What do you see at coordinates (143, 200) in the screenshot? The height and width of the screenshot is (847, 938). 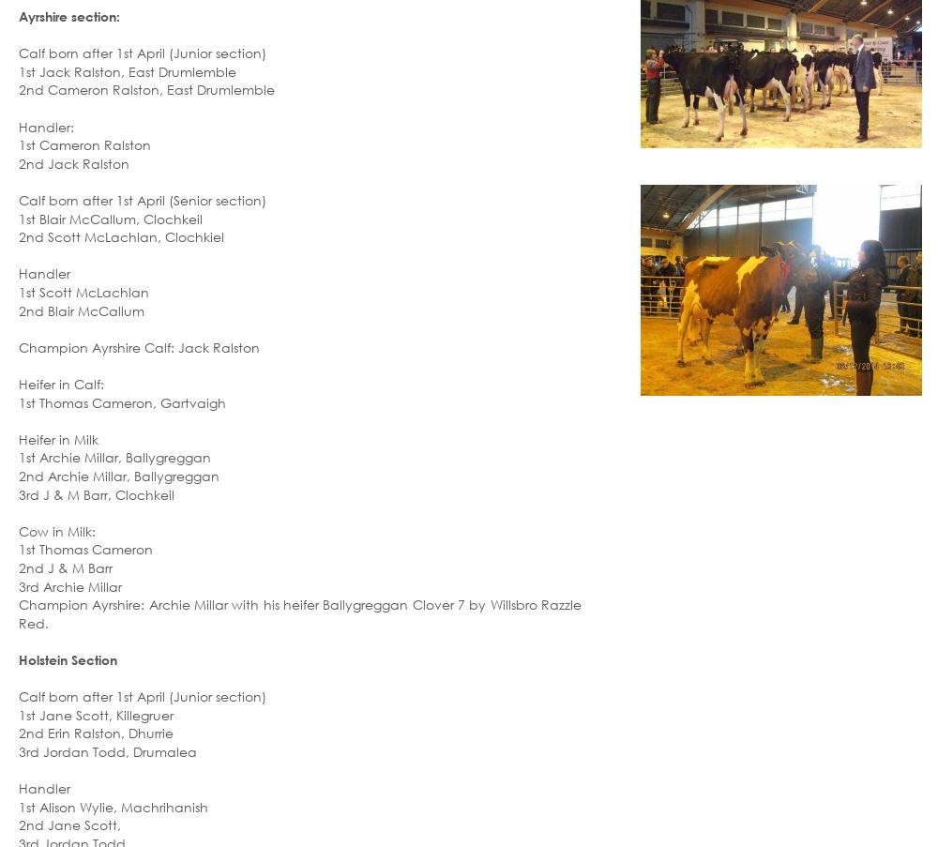 I see `'Calf born after 1st April (Senior section)'` at bounding box center [143, 200].